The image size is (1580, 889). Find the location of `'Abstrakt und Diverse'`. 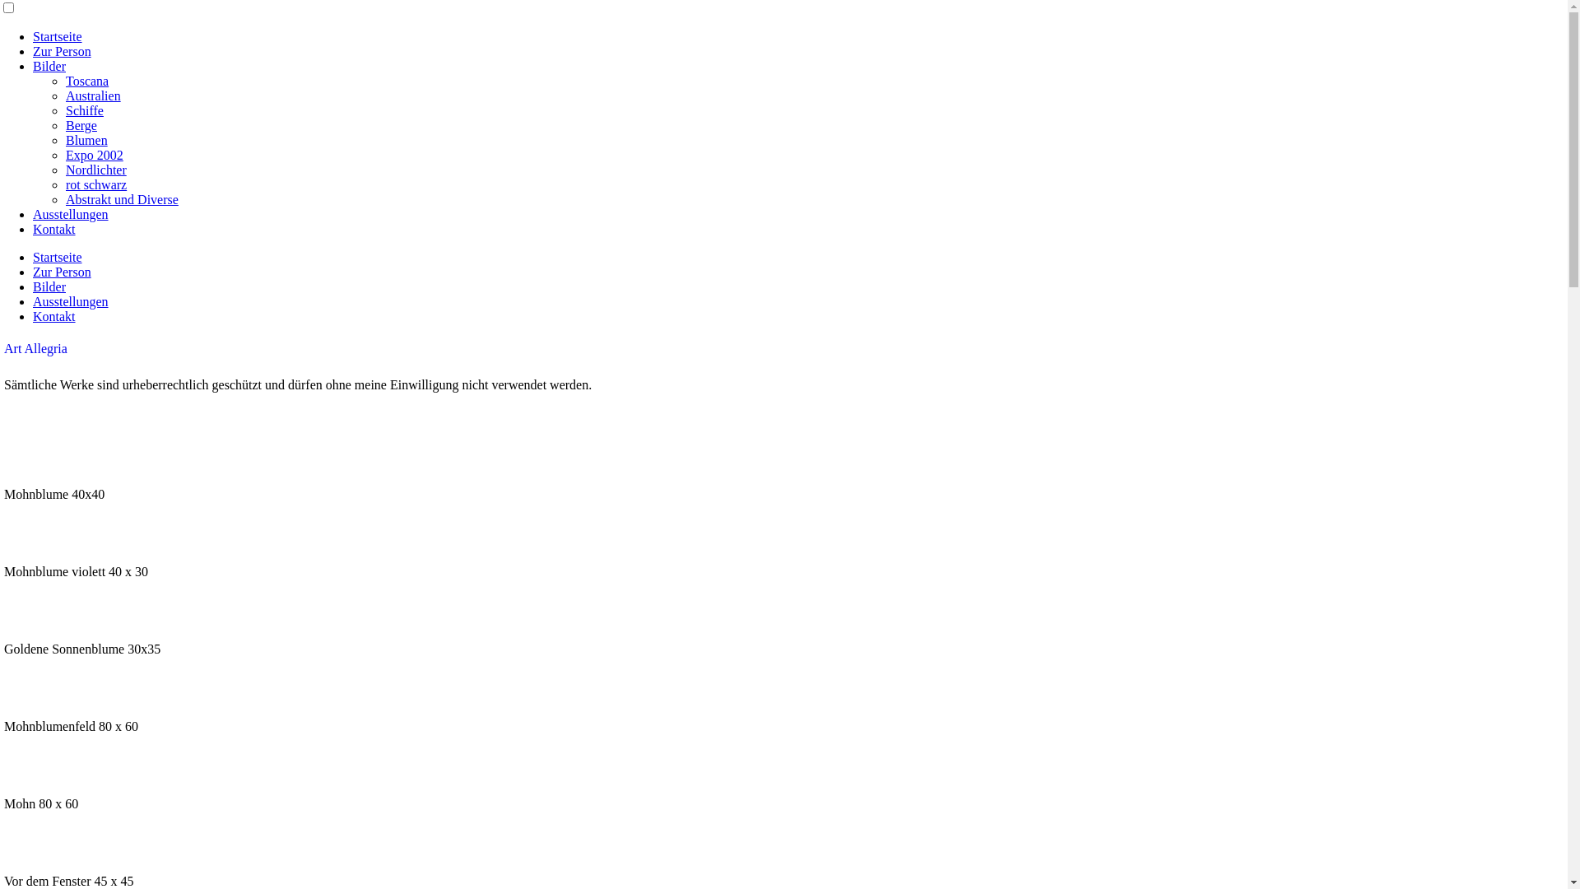

'Abstrakt und Diverse' is located at coordinates (121, 198).